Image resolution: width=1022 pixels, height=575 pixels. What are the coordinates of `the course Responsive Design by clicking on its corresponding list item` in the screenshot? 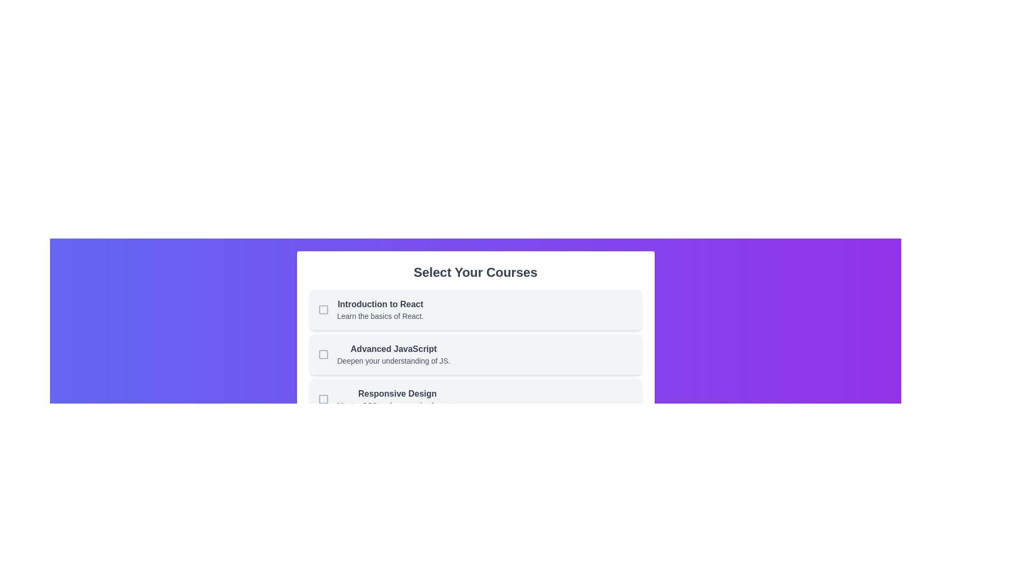 It's located at (475, 399).